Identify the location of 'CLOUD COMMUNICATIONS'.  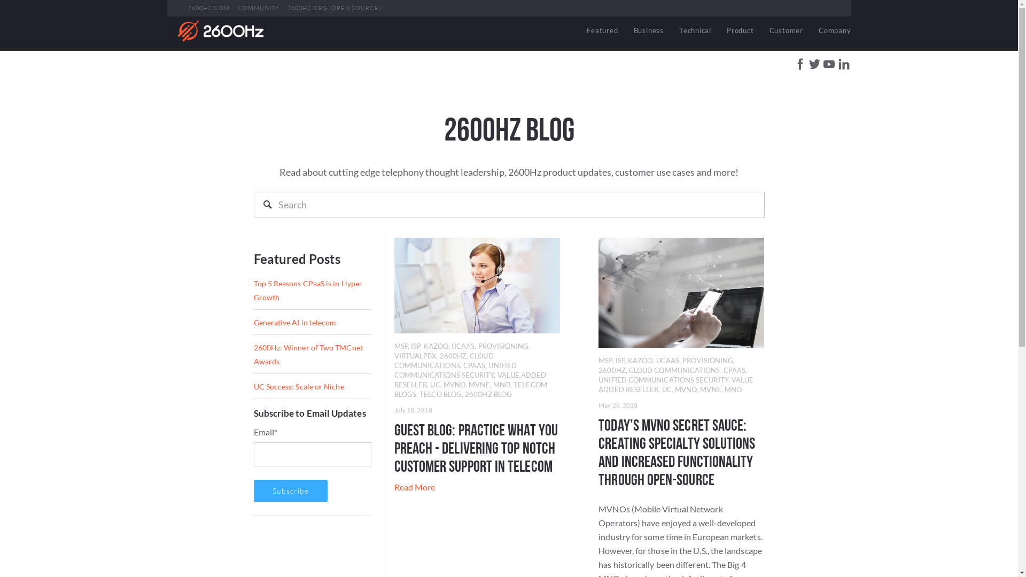
(394, 361).